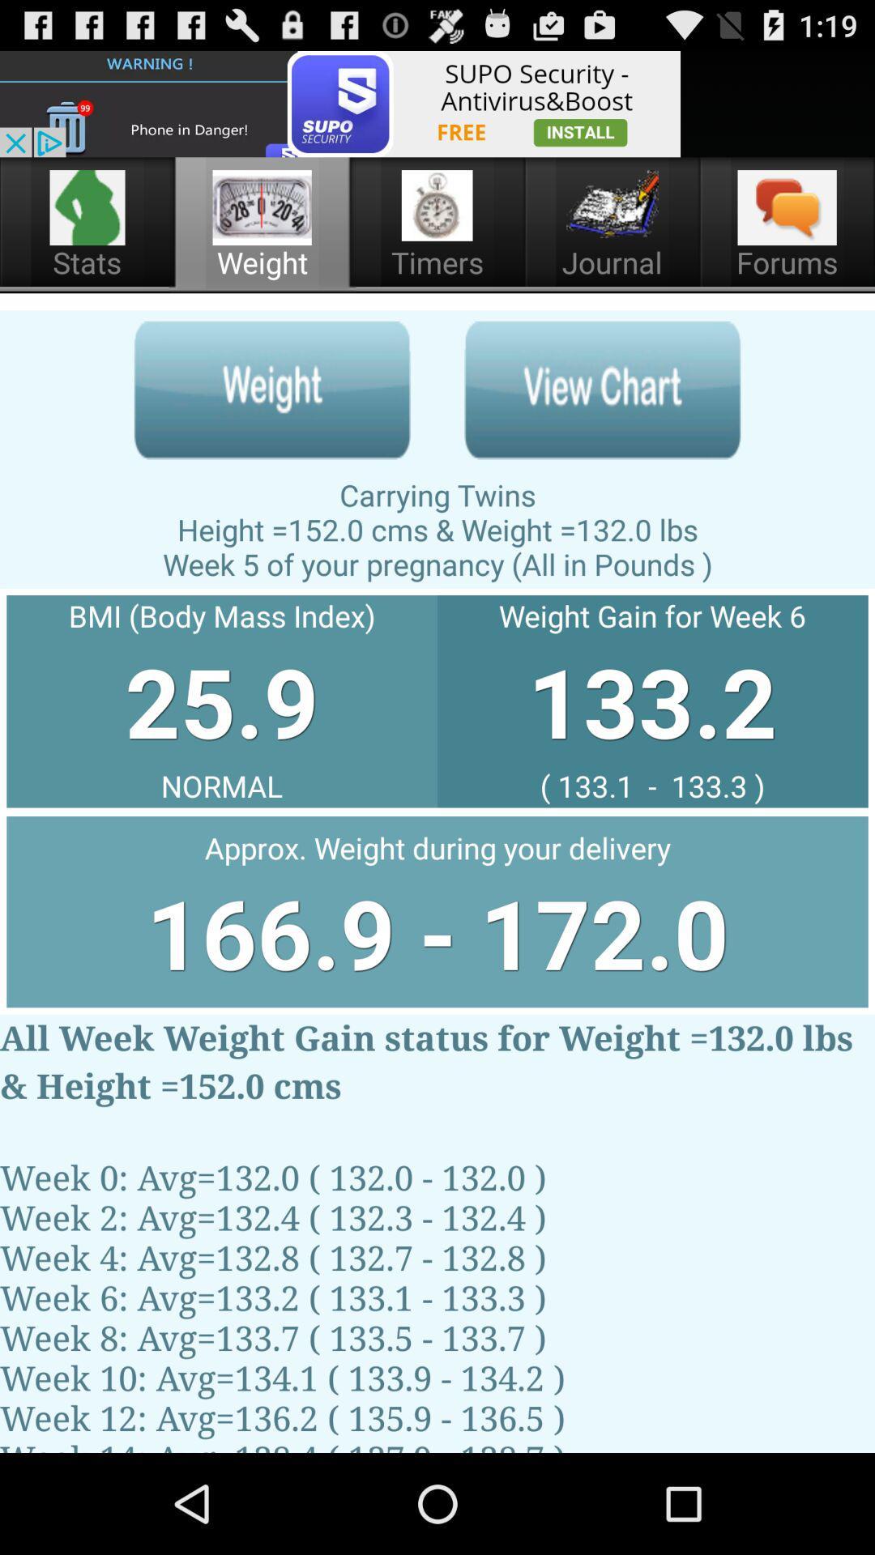  What do you see at coordinates (602, 390) in the screenshot?
I see `chart` at bounding box center [602, 390].